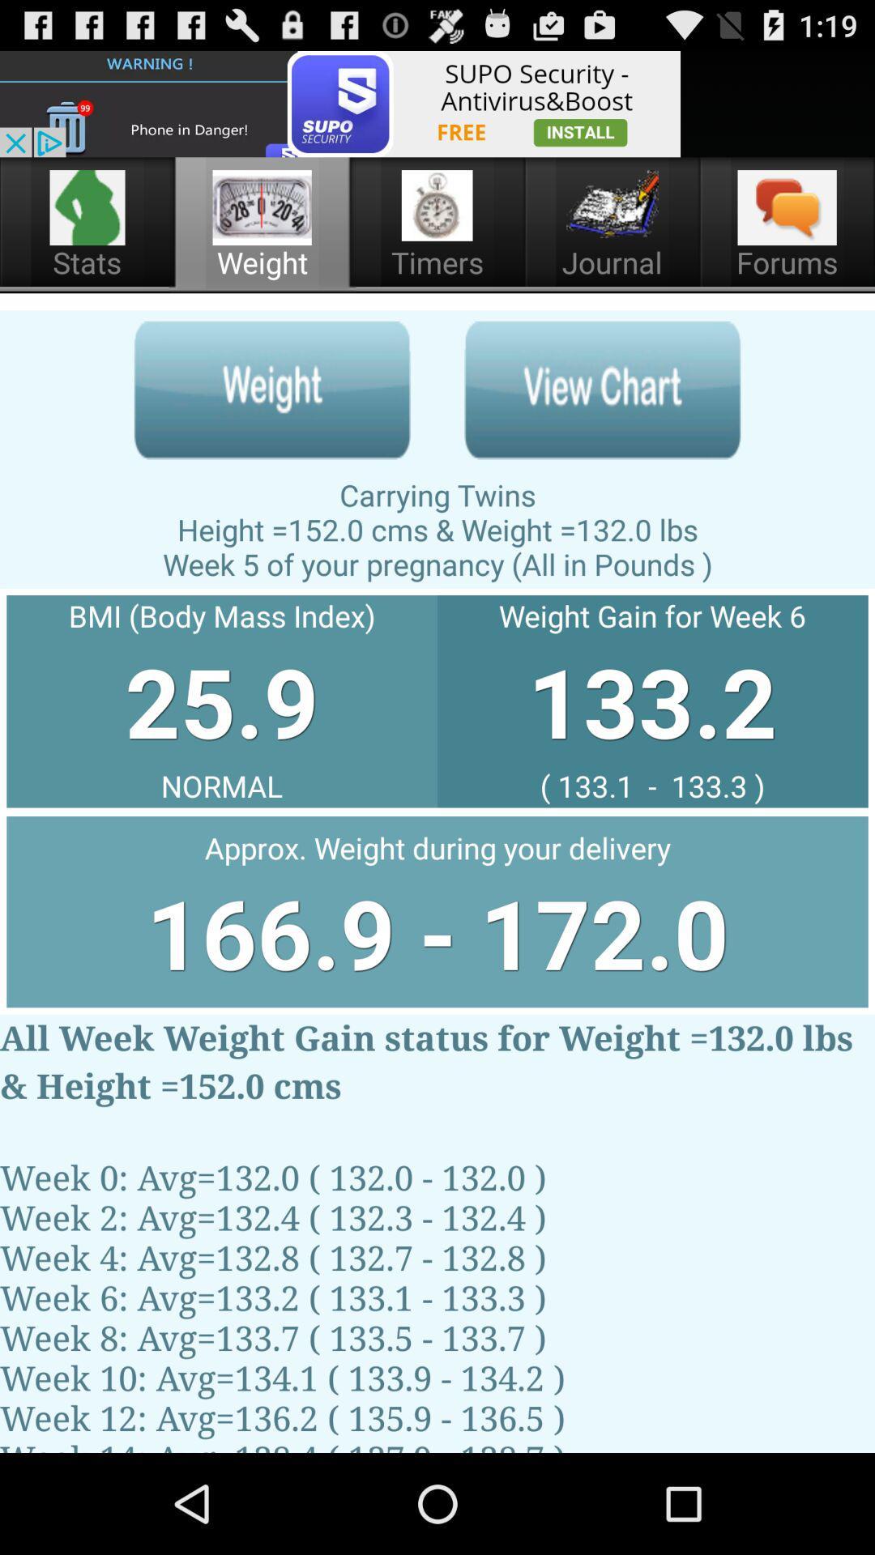  What do you see at coordinates (602, 390) in the screenshot?
I see `chart` at bounding box center [602, 390].